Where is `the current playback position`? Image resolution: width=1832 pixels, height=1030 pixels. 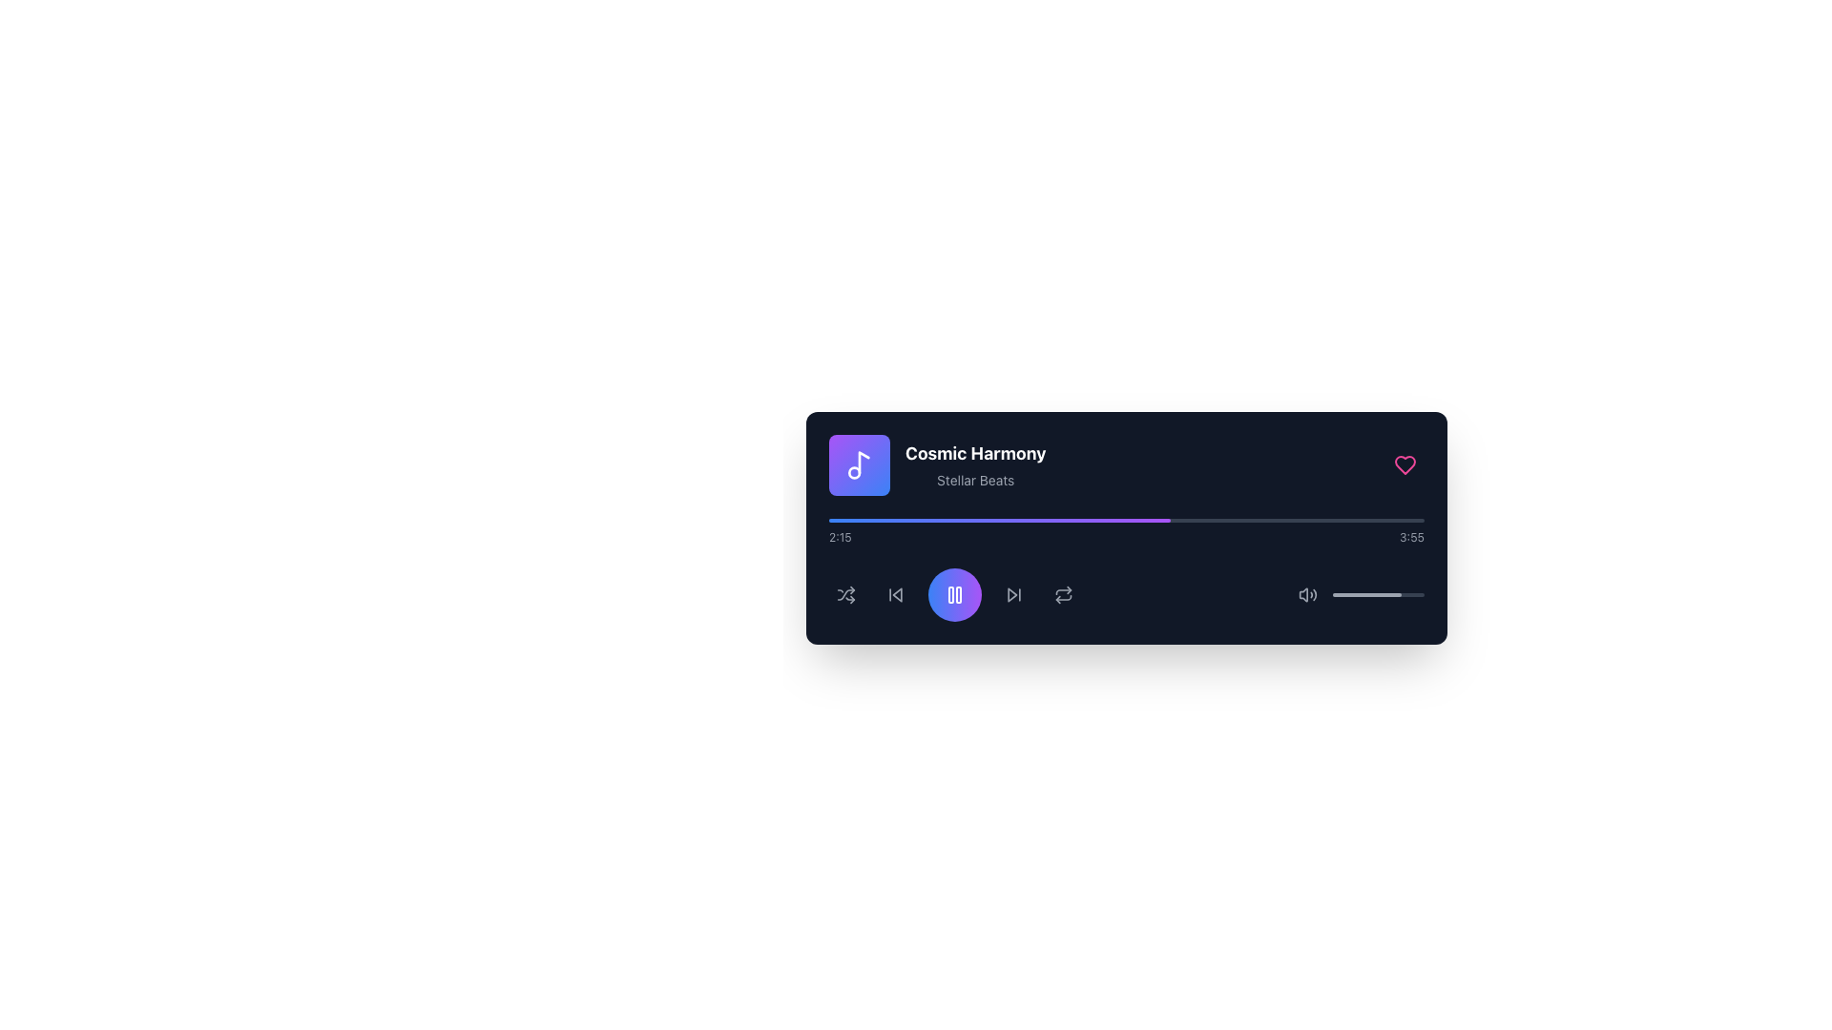 the current playback position is located at coordinates (1335, 521).